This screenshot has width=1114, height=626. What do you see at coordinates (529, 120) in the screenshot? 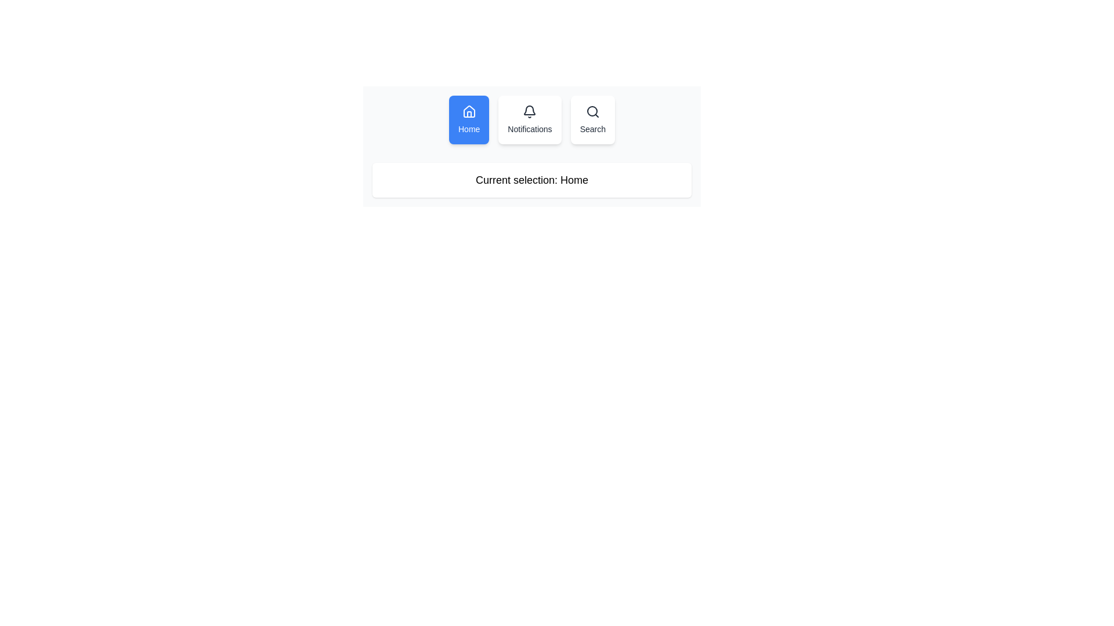
I see `the 'Notifications' button in the navigation bar to activate hover effects` at bounding box center [529, 120].